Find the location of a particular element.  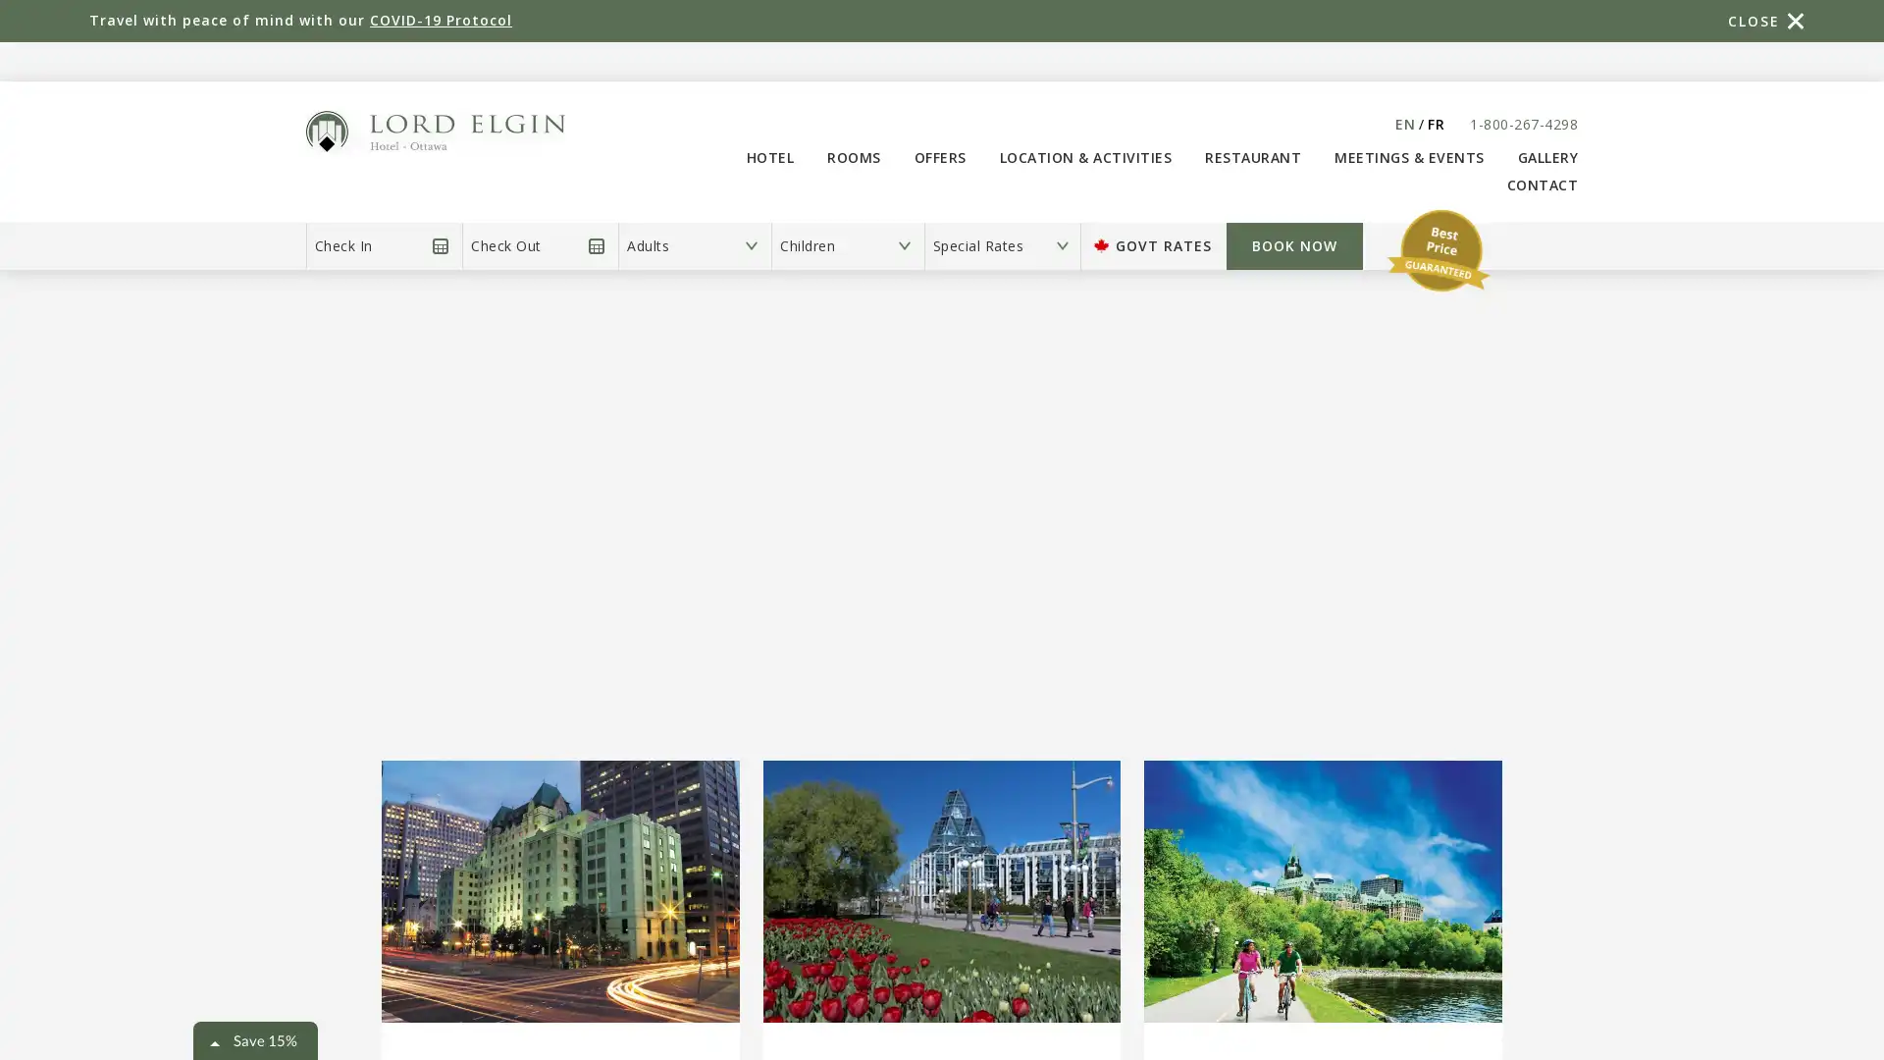

BOOK NOW is located at coordinates (933, 430).